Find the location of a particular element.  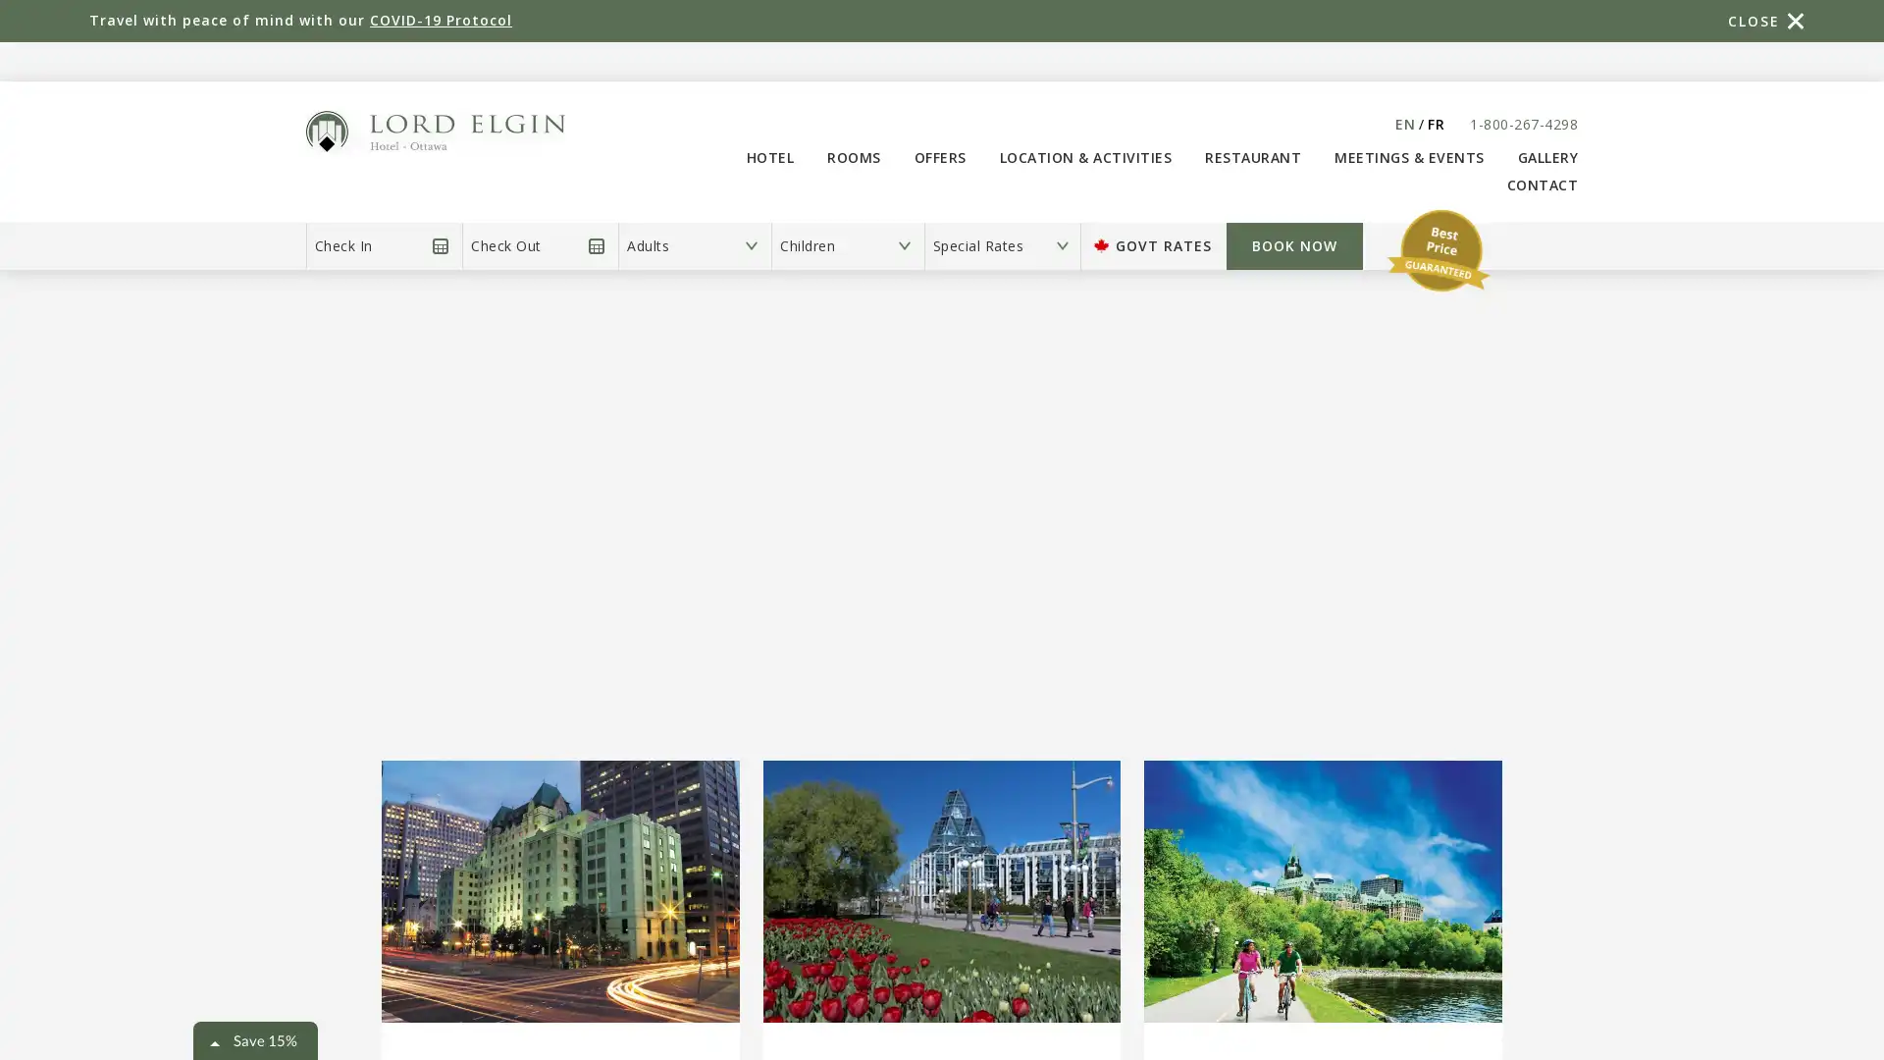

BOOK NOW is located at coordinates (933, 430).